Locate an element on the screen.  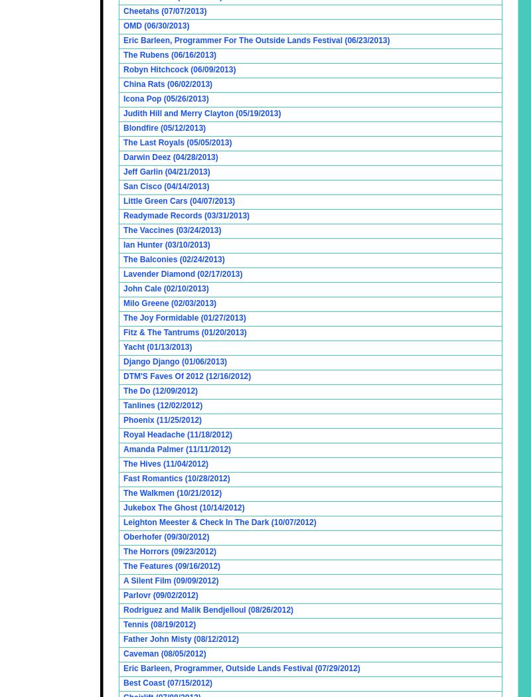
'Judith Hill and Merry Clayton (05/19/2013)' is located at coordinates (201, 114).